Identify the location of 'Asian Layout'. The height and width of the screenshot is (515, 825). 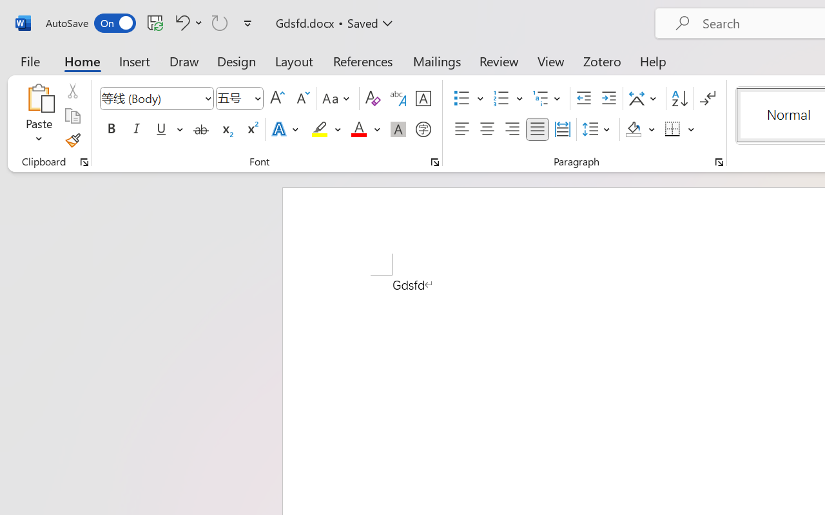
(645, 98).